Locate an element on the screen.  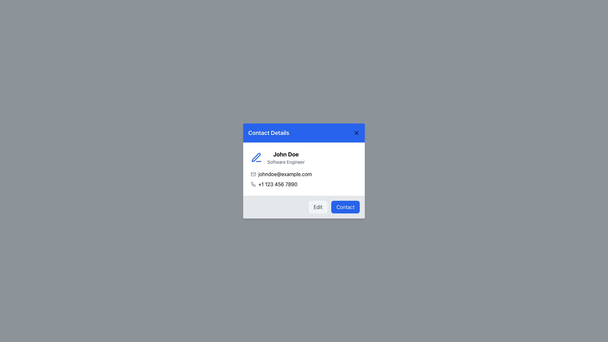
the 'Contact' button, which is a rectangular button with a blue background and white text, located in the bottom-right corner of the 'Contact Details' modal is located at coordinates (345, 207).